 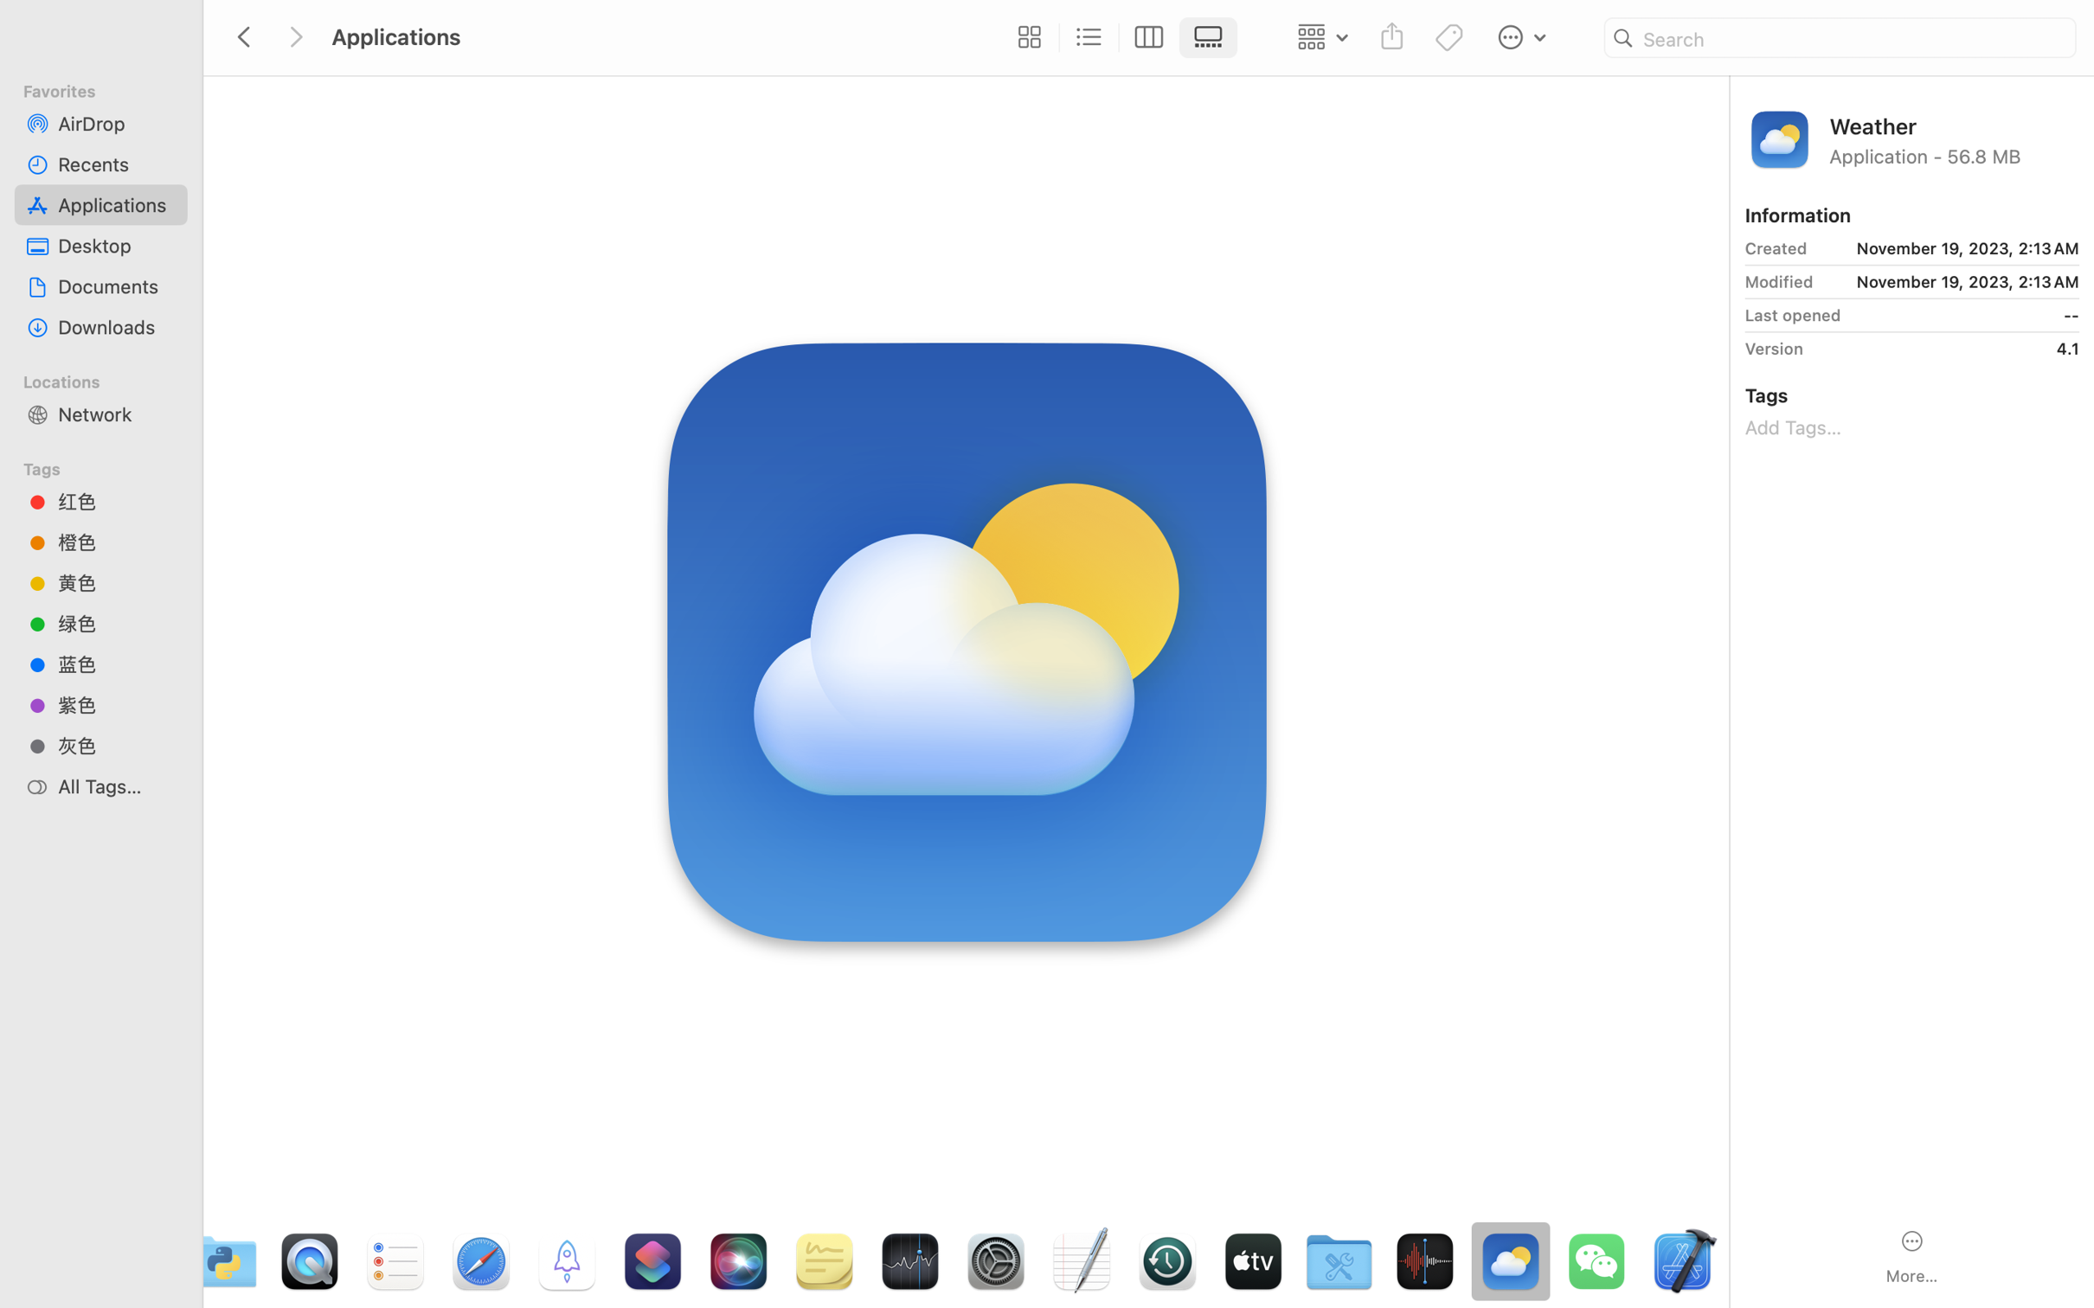 I want to click on 'Weather', so click(x=1954, y=125).